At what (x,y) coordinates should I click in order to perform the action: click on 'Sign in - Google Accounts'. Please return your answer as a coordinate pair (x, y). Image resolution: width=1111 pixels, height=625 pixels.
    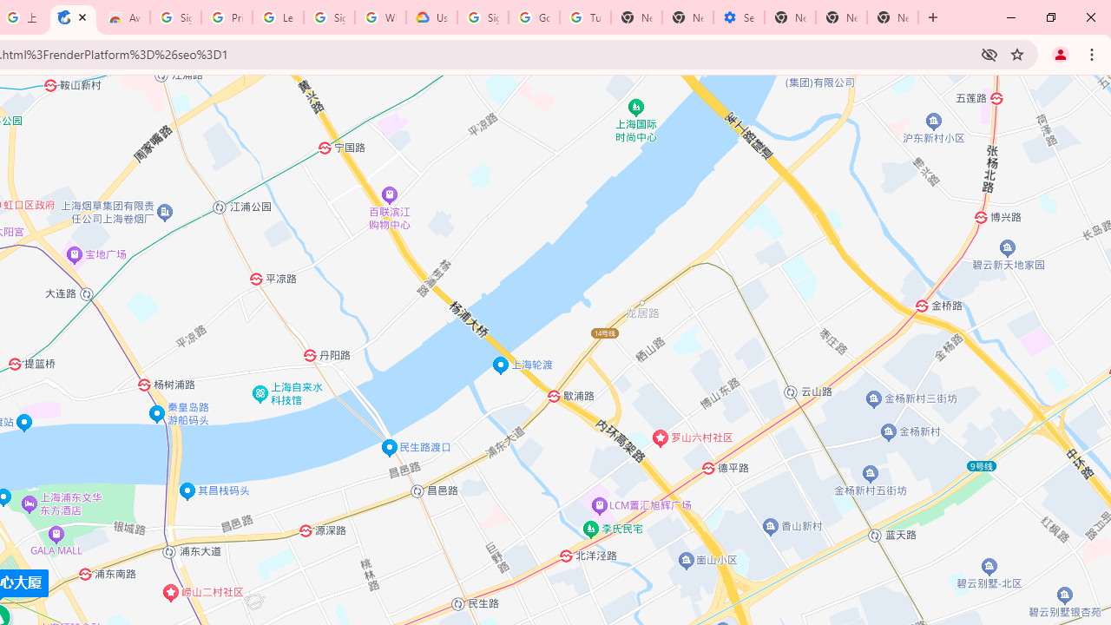
    Looking at the image, I should click on (483, 17).